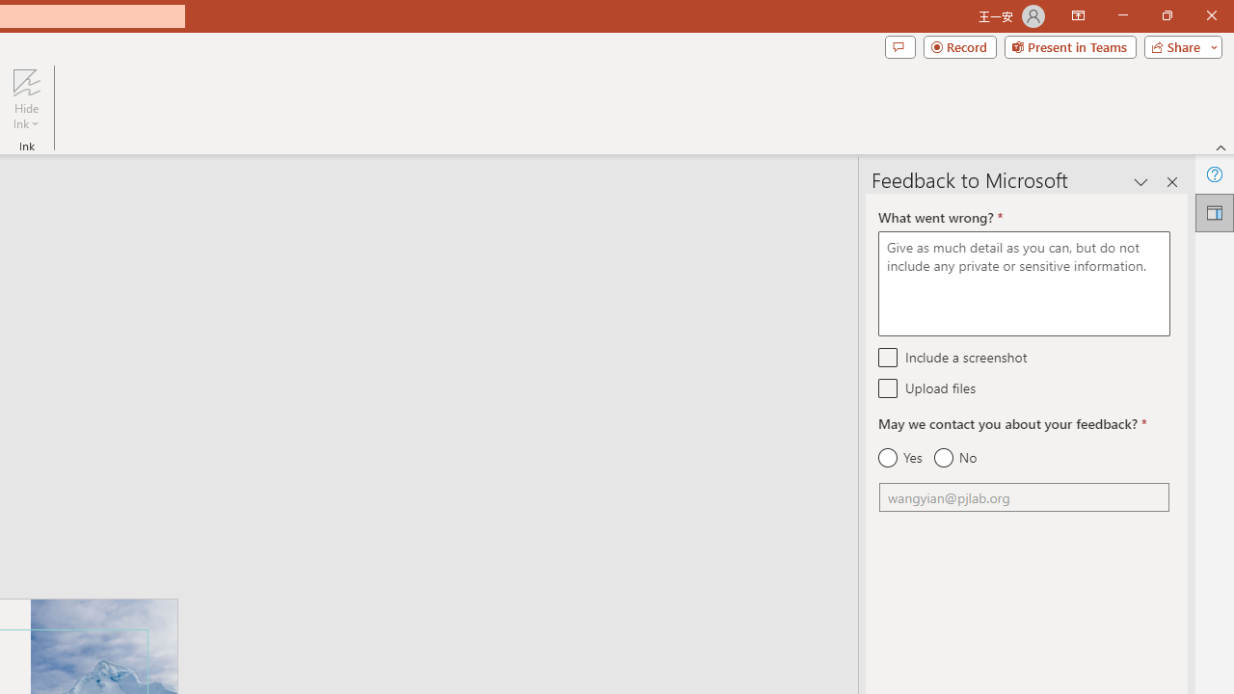 The image size is (1234, 694). What do you see at coordinates (1023, 496) in the screenshot?
I see `'Email'` at bounding box center [1023, 496].